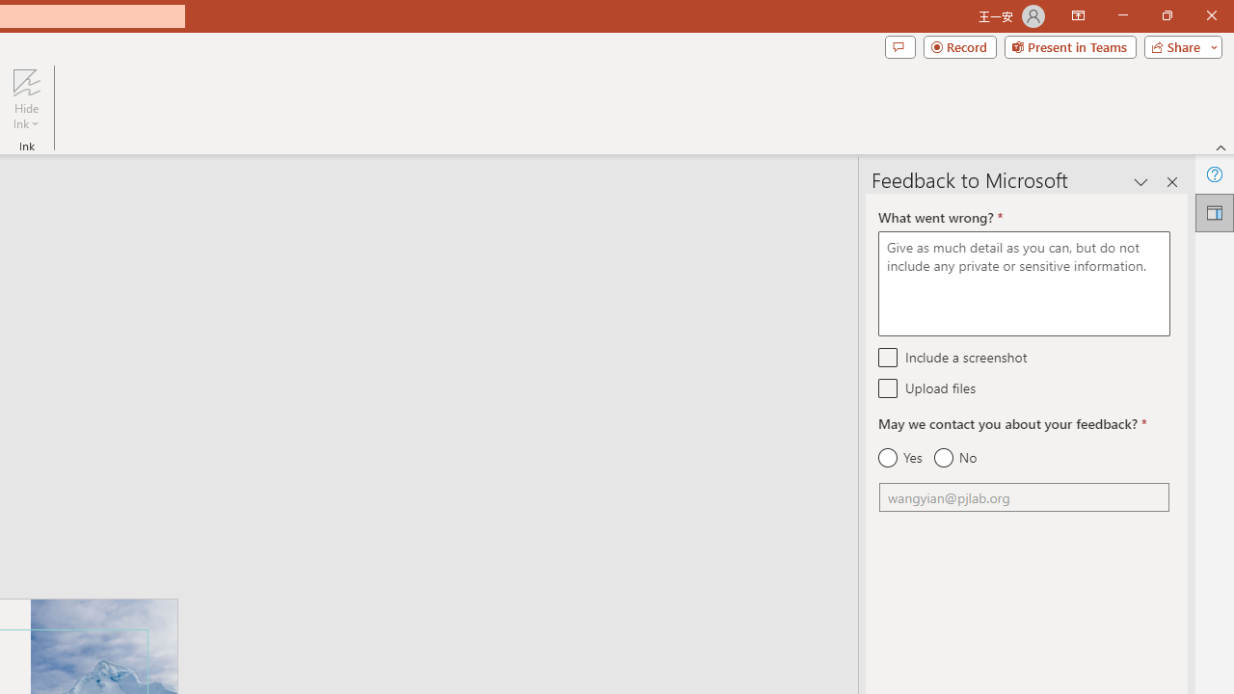 The image size is (1234, 694). What do you see at coordinates (1023, 496) in the screenshot?
I see `'Email'` at bounding box center [1023, 496].